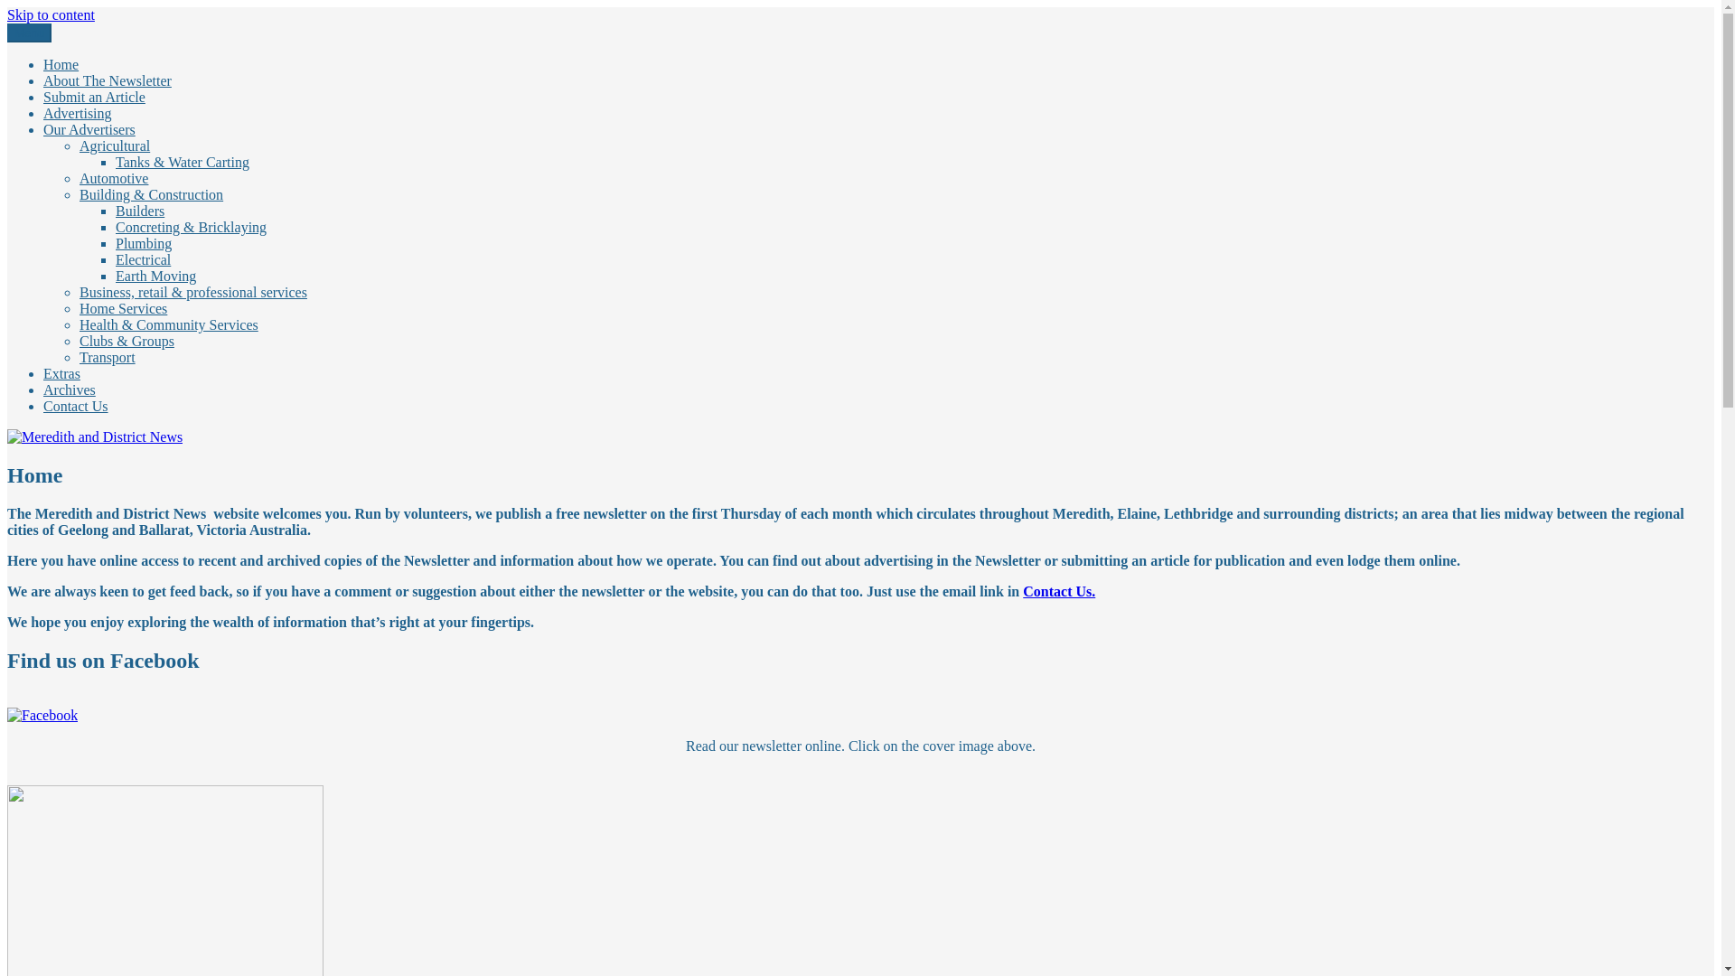  Describe the element at coordinates (43, 97) in the screenshot. I see `'Submit an Article'` at that location.